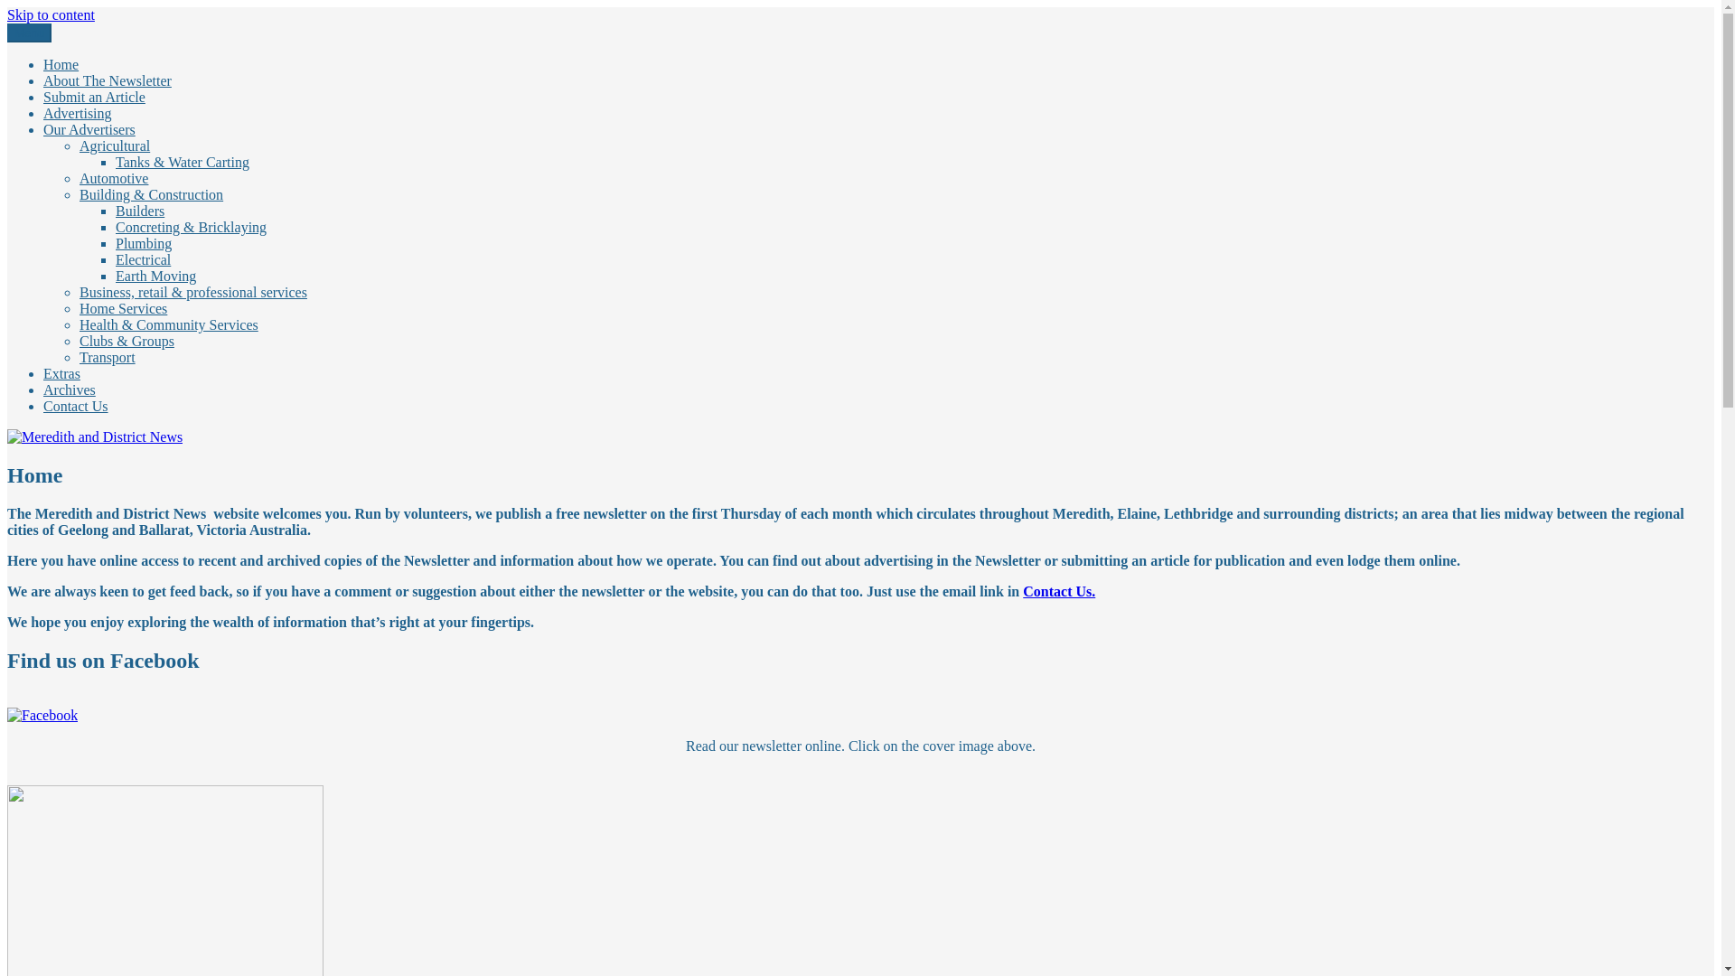  Describe the element at coordinates (43, 97) in the screenshot. I see `'Submit an Article'` at that location.